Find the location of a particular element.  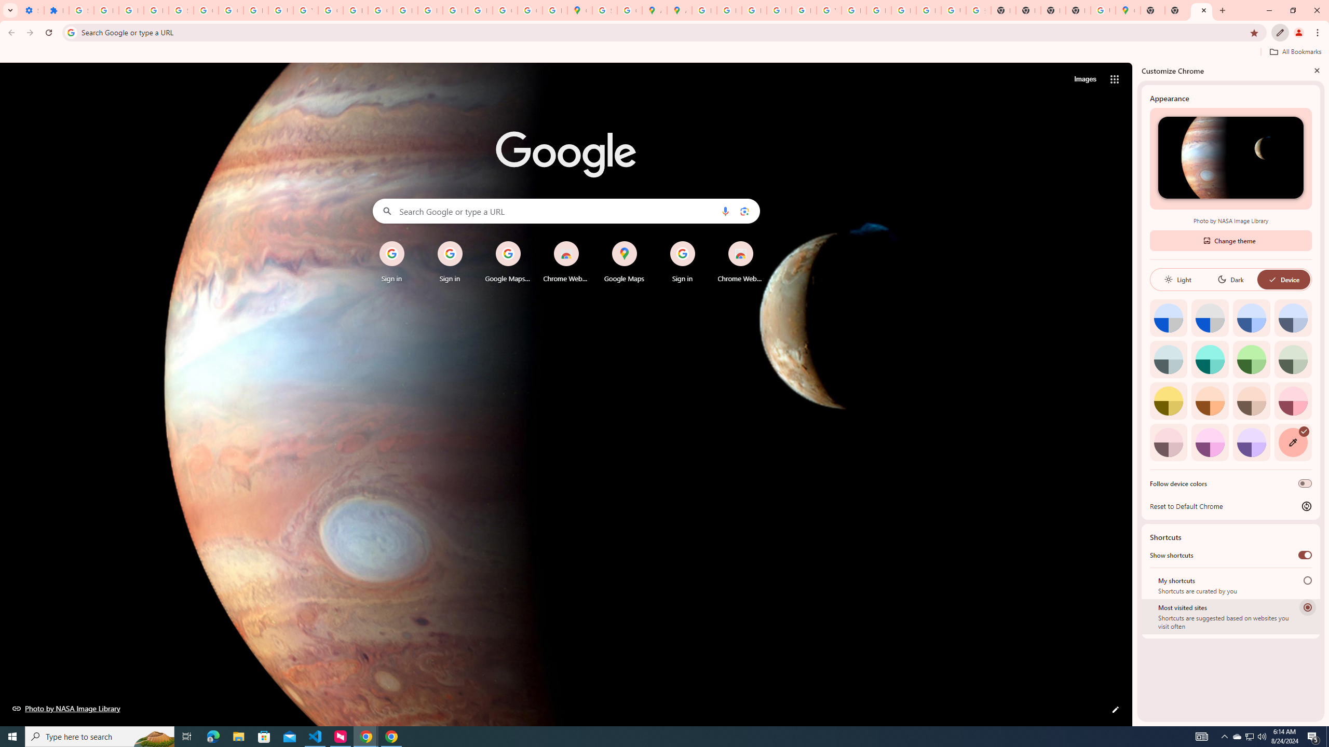

'Side Panel Resize Handle' is located at coordinates (1134, 393).